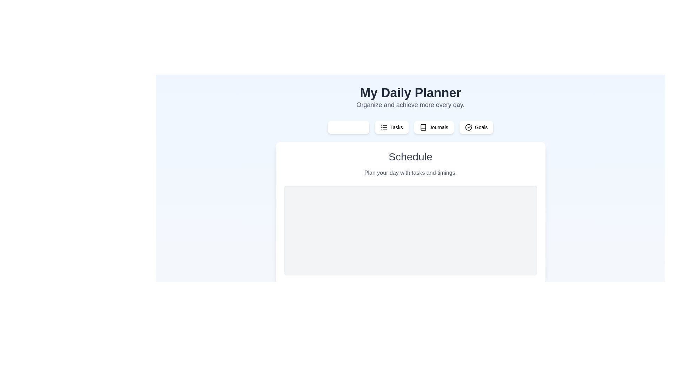 The height and width of the screenshot is (379, 674). I want to click on the tab labeled Schedule, so click(348, 127).